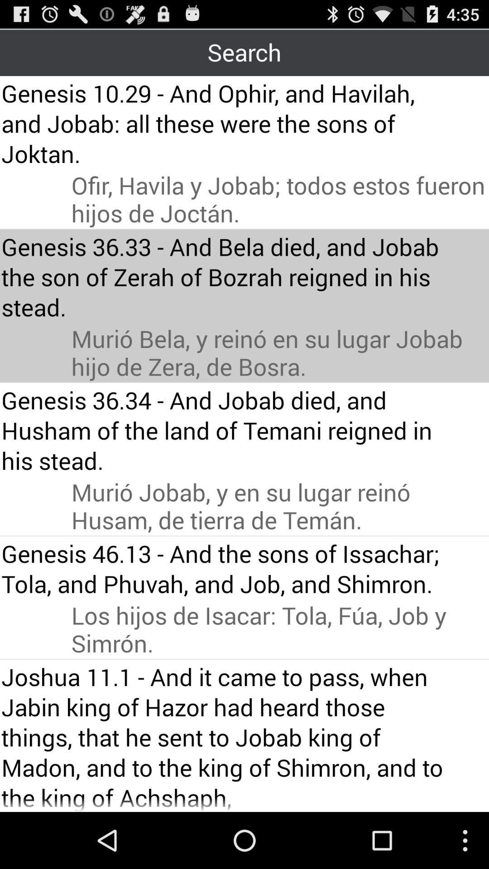 The height and width of the screenshot is (869, 489). Describe the element at coordinates (227, 736) in the screenshot. I see `joshua 11 1 item` at that location.